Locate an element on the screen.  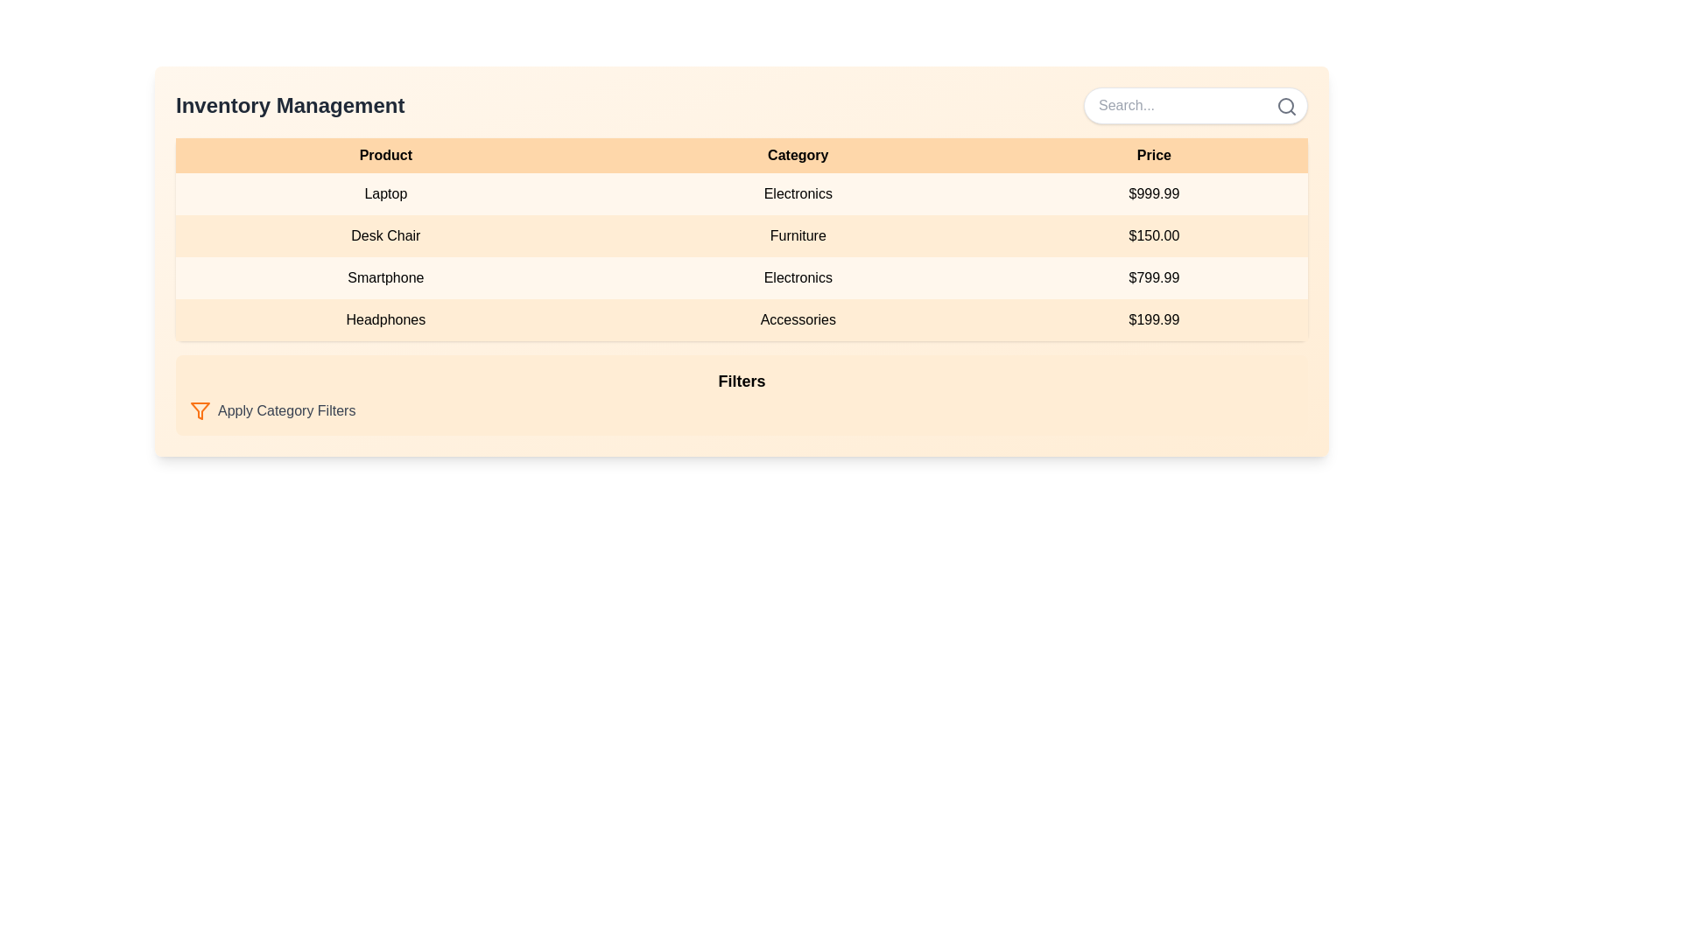
the 'Headphones' static text label element is located at coordinates (384, 320).